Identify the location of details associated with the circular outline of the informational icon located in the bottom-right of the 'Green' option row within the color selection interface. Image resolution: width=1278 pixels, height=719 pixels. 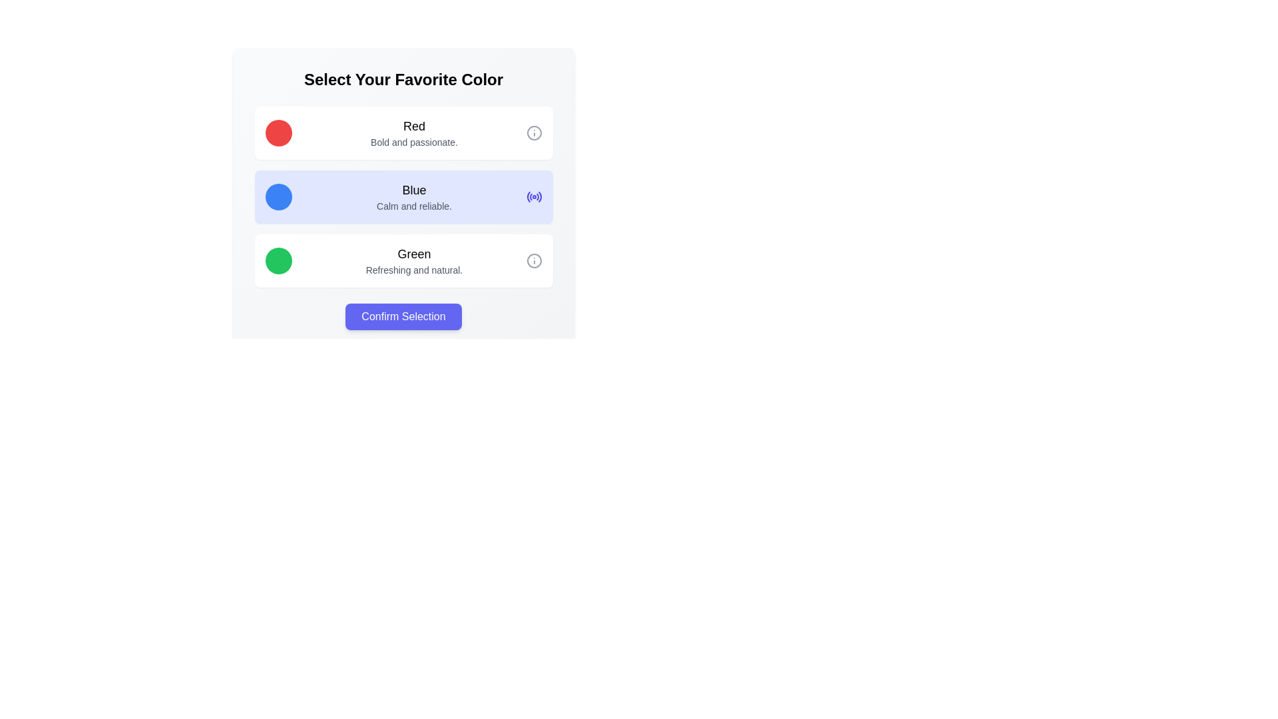
(534, 133).